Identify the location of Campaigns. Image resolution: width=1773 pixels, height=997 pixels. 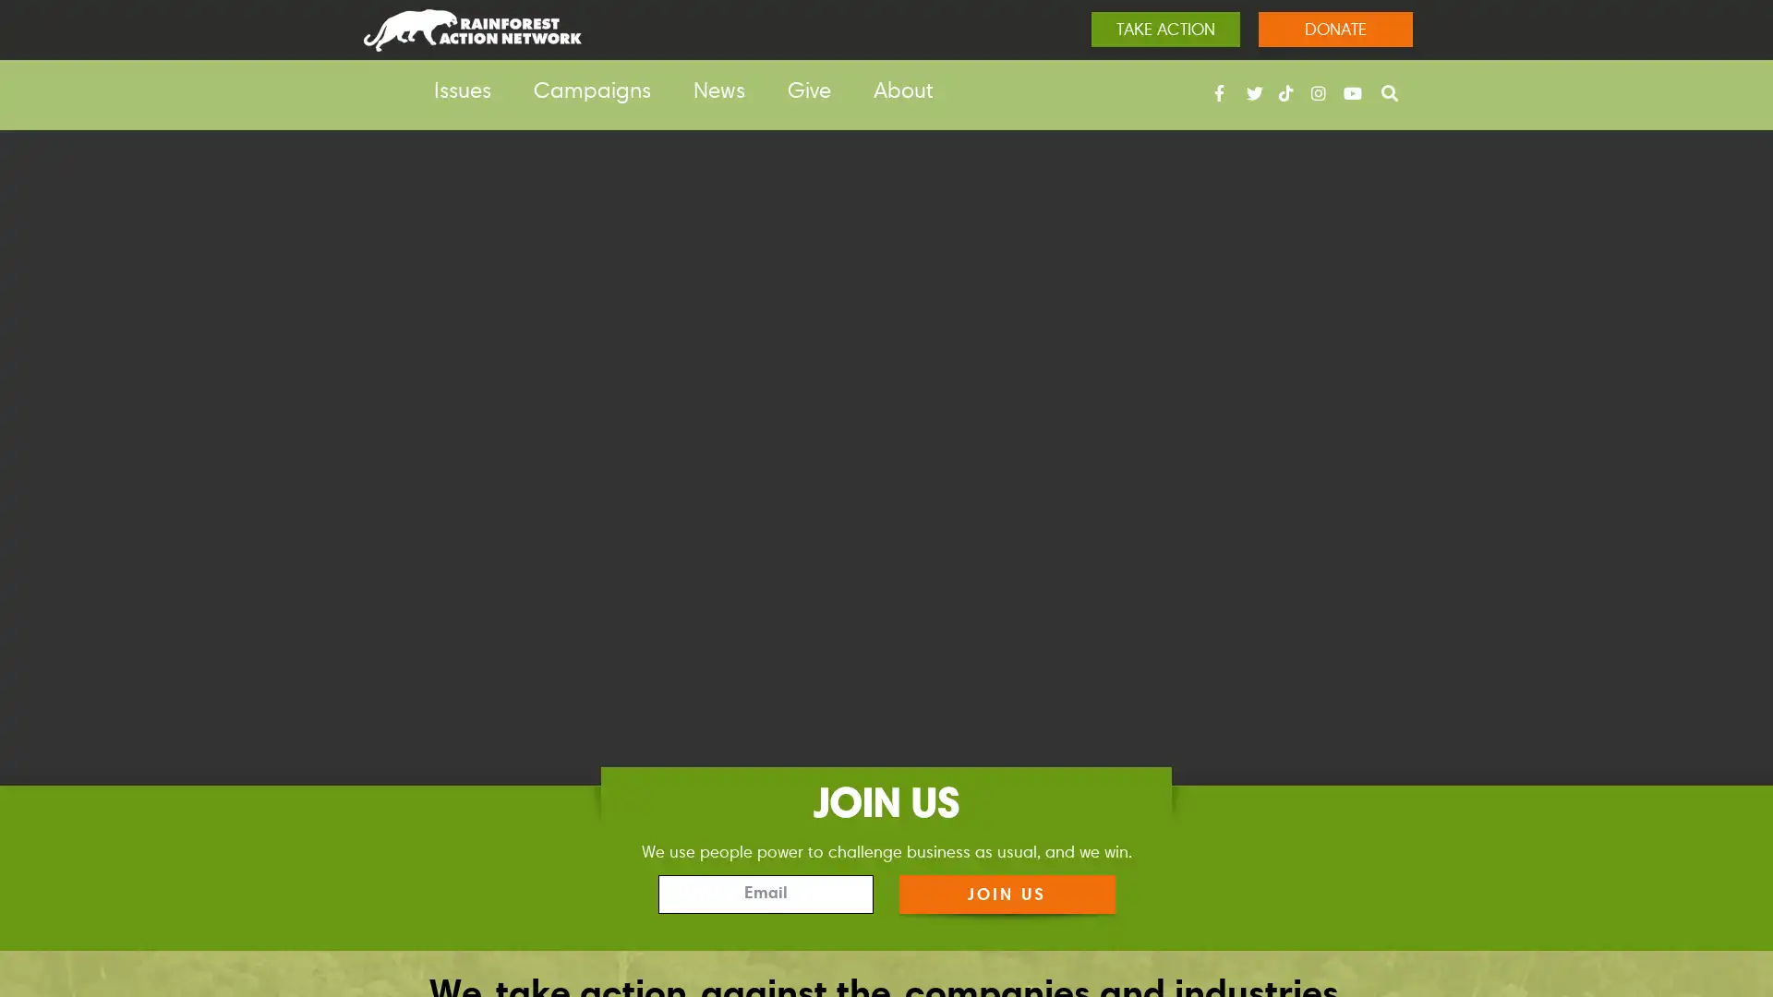
(592, 92).